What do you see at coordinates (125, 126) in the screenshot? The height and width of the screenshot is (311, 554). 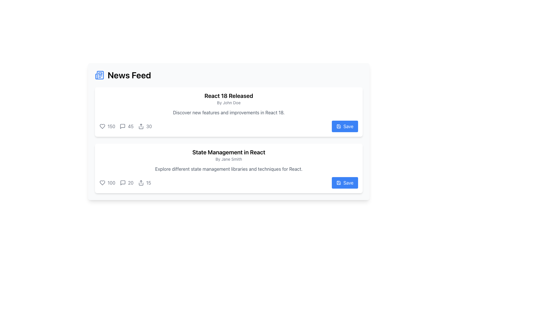 I see `the interactive statistics displaying component located at the bottom left of the first post in the news feed layout` at bounding box center [125, 126].